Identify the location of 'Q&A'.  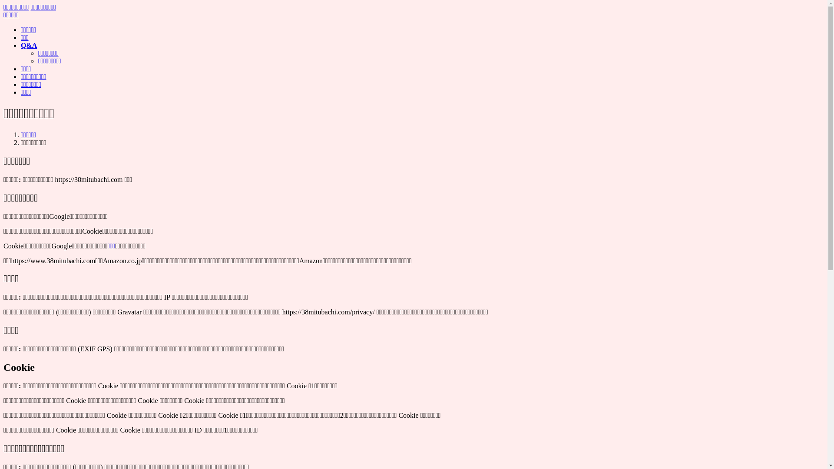
(29, 45).